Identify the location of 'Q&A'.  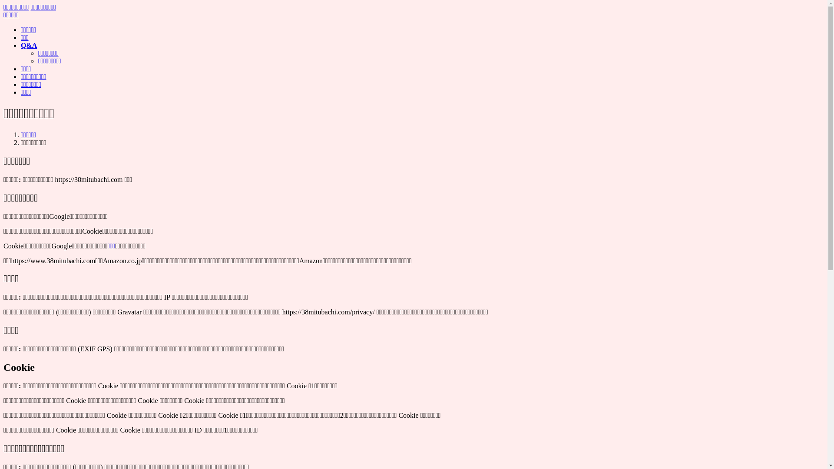
(29, 45).